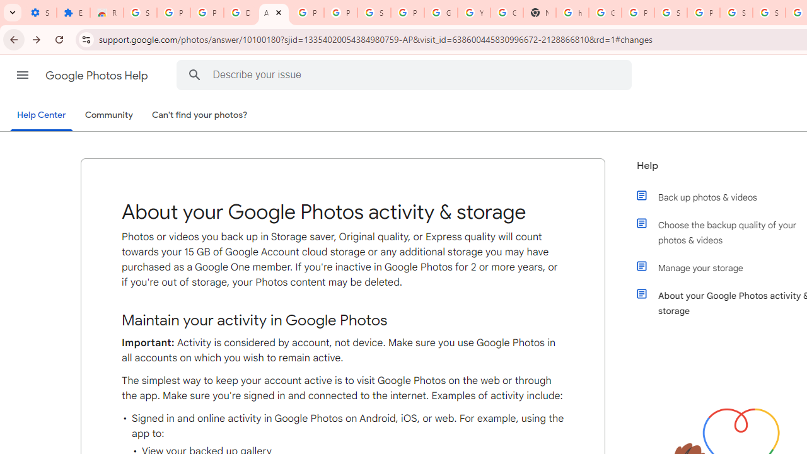  I want to click on 'Main menu', so click(22, 75).